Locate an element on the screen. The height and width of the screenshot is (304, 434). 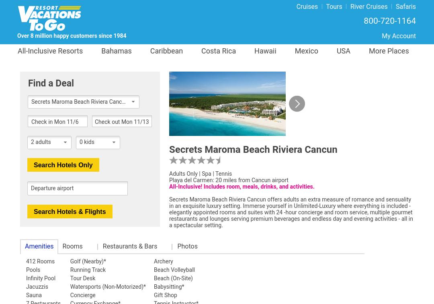
'All-Inclusive! Includes room, meals, drinks, and activities.' is located at coordinates (241, 187).